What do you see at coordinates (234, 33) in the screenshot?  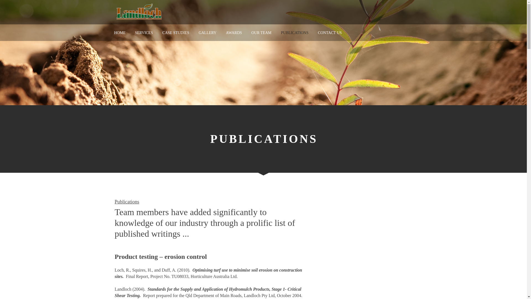 I see `'AWARDS'` at bounding box center [234, 33].